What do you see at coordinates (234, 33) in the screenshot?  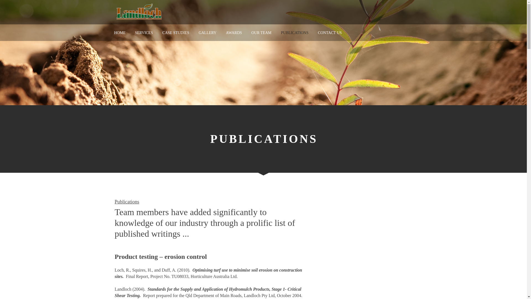 I see `'AWARDS'` at bounding box center [234, 33].